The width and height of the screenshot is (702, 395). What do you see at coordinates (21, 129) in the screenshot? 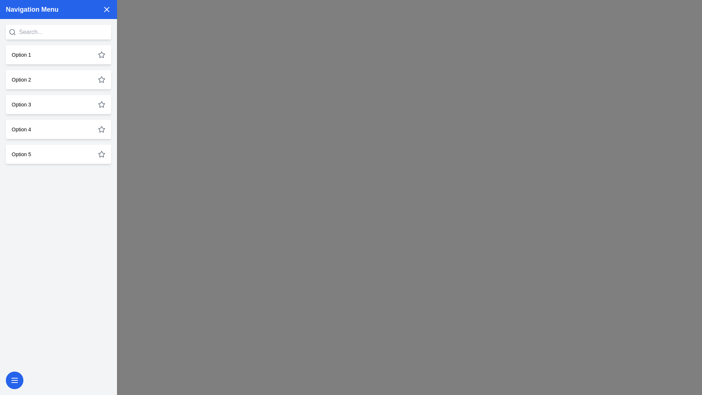
I see `the fourth entry in the navigation menu located in the sidebar, which is below 'Option 3' and above 'Option 5'` at bounding box center [21, 129].